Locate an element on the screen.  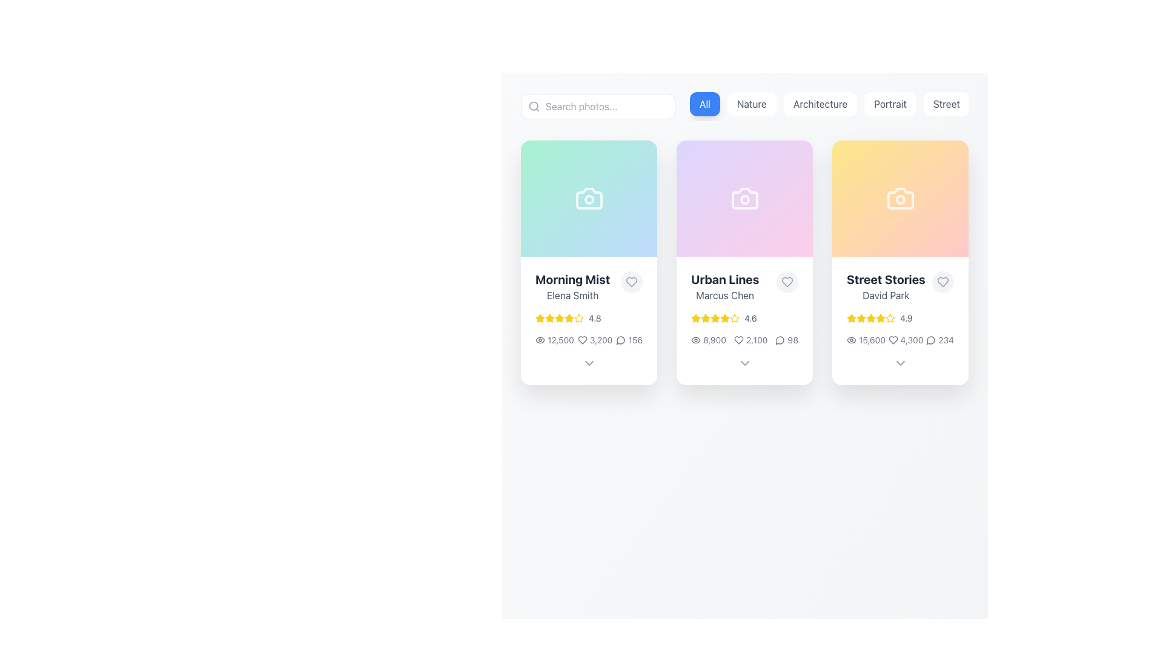
the speech bubble icon representing the comment functionality, located to the right of the heart icon and the '4,300' text is located at coordinates (930, 340).